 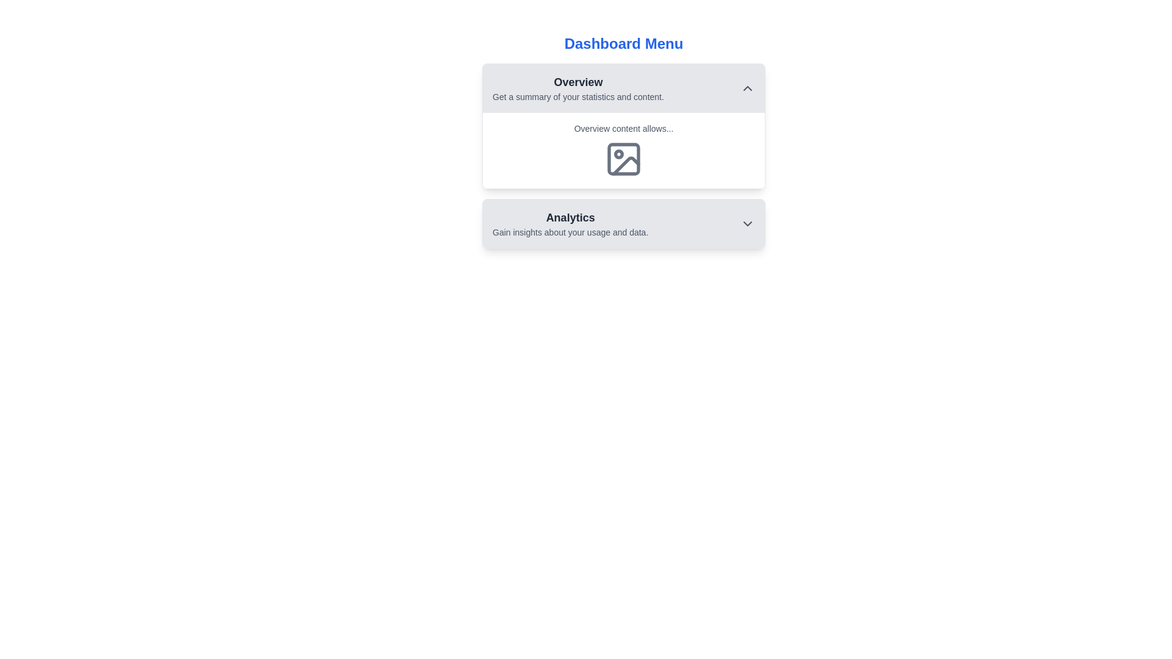 What do you see at coordinates (747, 223) in the screenshot?
I see `the downward-facing chevron icon button located at the far right of the 'Analytics' menu item` at bounding box center [747, 223].